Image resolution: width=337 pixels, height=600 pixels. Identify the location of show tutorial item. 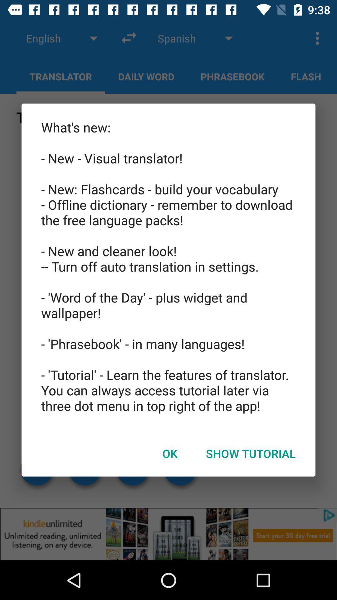
(250, 453).